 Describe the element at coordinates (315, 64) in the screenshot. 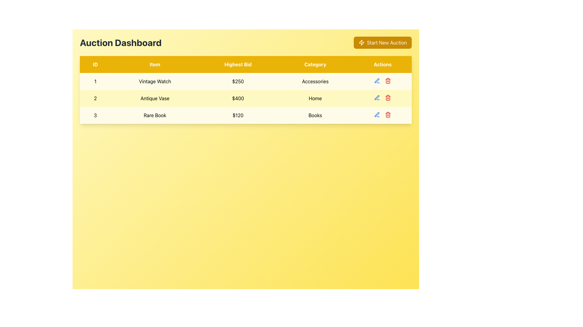

I see `the Table Header Cell displaying 'Category' with a bold white font on a solid yellow background, located in the header row of the table` at that location.